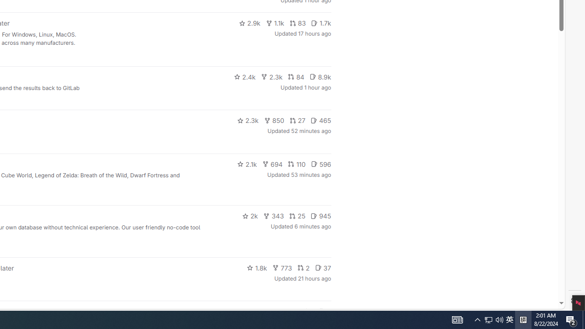 The image size is (585, 329). I want to click on '1.1k', so click(274, 23).